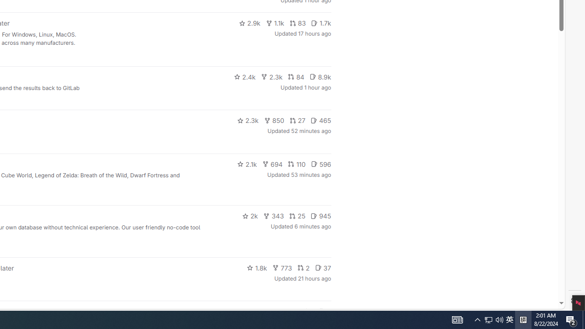 The image size is (585, 329). I want to click on '1.1k', so click(274, 23).